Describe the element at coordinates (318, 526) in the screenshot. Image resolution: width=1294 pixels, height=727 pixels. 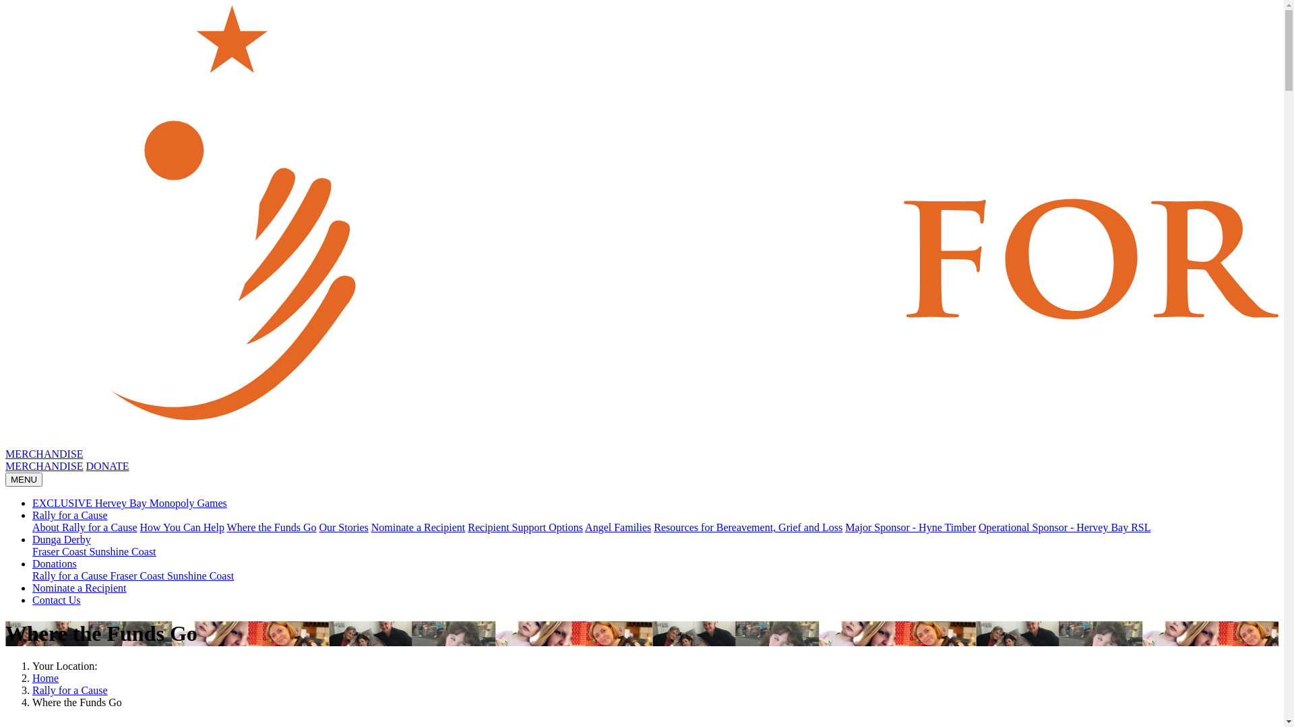
I see `'Our Stories'` at that location.